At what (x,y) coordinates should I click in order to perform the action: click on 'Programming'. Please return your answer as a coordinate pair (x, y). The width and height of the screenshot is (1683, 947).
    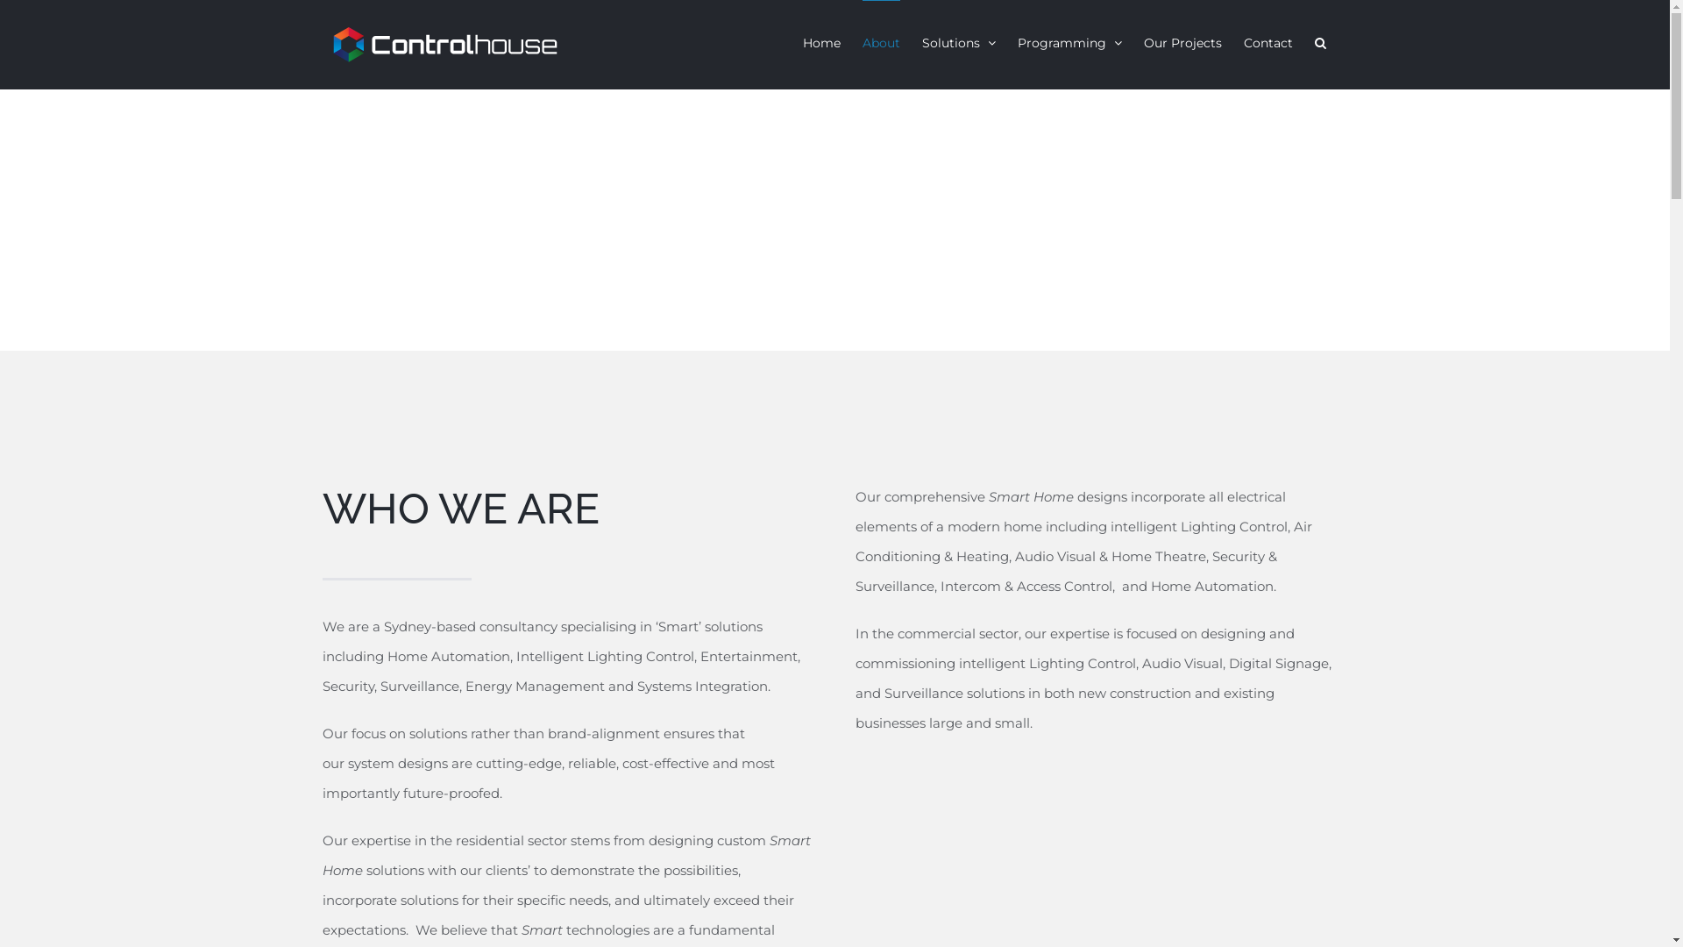
    Looking at the image, I should click on (1068, 40).